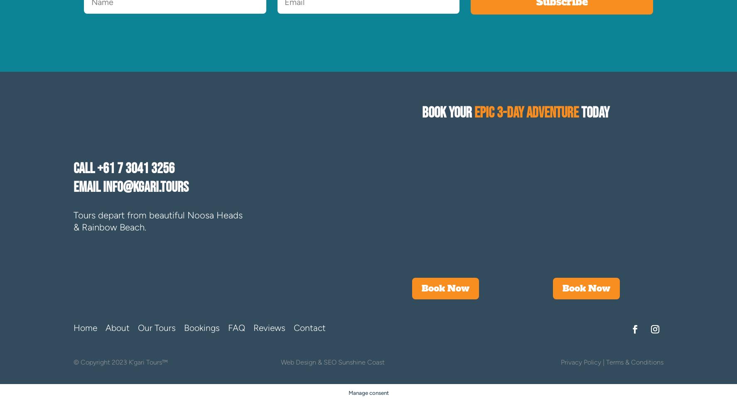  Describe the element at coordinates (354, 362) in the screenshot. I see `'SEO Sunshine Coast'` at that location.